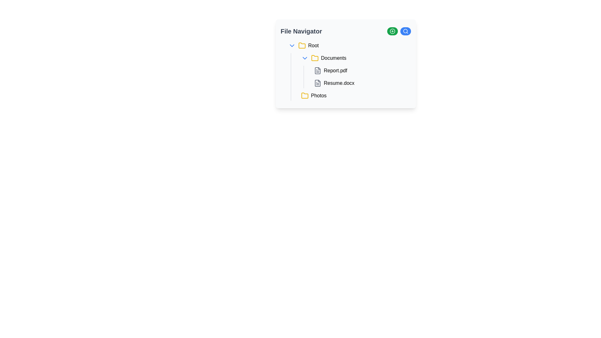  Describe the element at coordinates (405, 31) in the screenshot. I see `the circular portion of the search icon located in the upper-right corner of the file navigator interface` at that location.